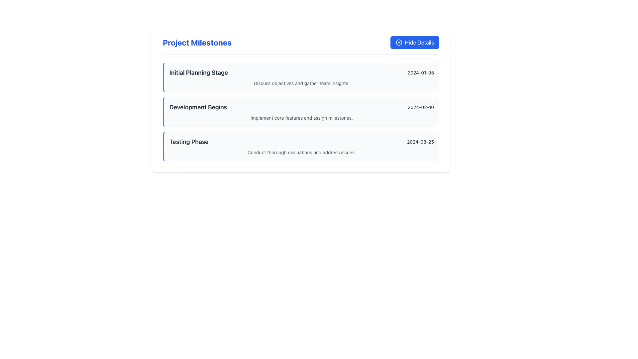  Describe the element at coordinates (301, 153) in the screenshot. I see `text label that describes the task: 'Conduct thorough evaluations and address issues.' located in the 'Testing Phase' milestone section beneath the heading and date` at that location.